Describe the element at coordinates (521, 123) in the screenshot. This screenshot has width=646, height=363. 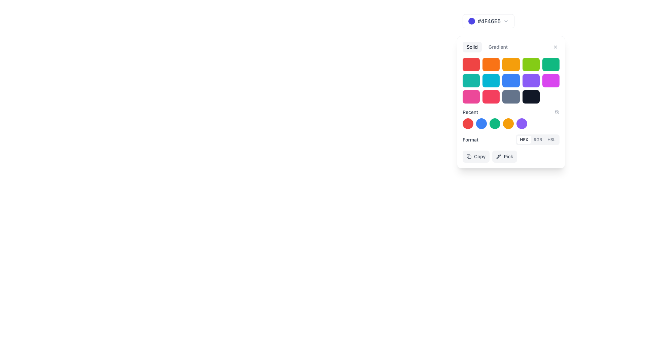
I see `the fifth circular button in the dropdown-style selector` at that location.